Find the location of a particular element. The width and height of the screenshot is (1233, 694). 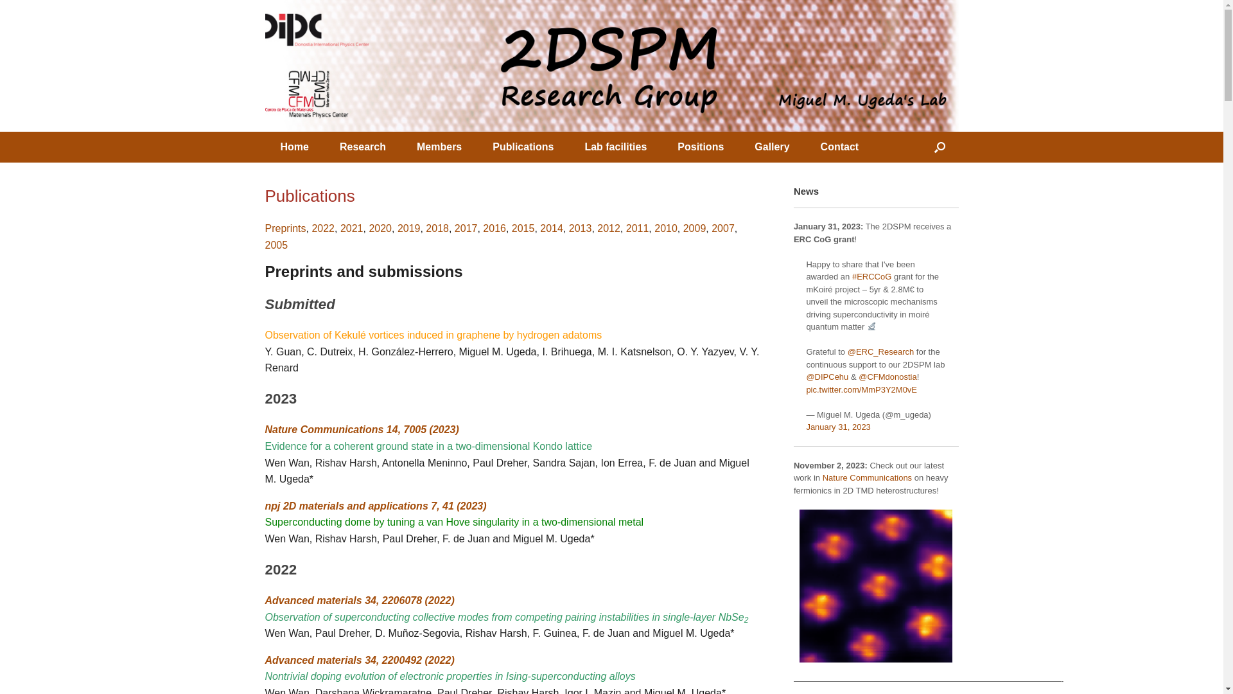

'@DIPCehu' is located at coordinates (826, 376).